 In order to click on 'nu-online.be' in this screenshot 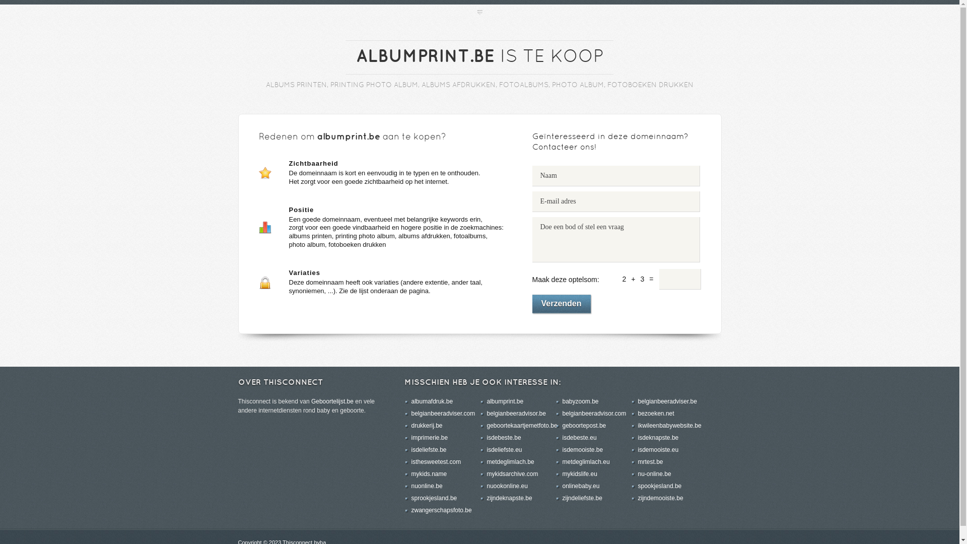, I will do `click(654, 474)`.